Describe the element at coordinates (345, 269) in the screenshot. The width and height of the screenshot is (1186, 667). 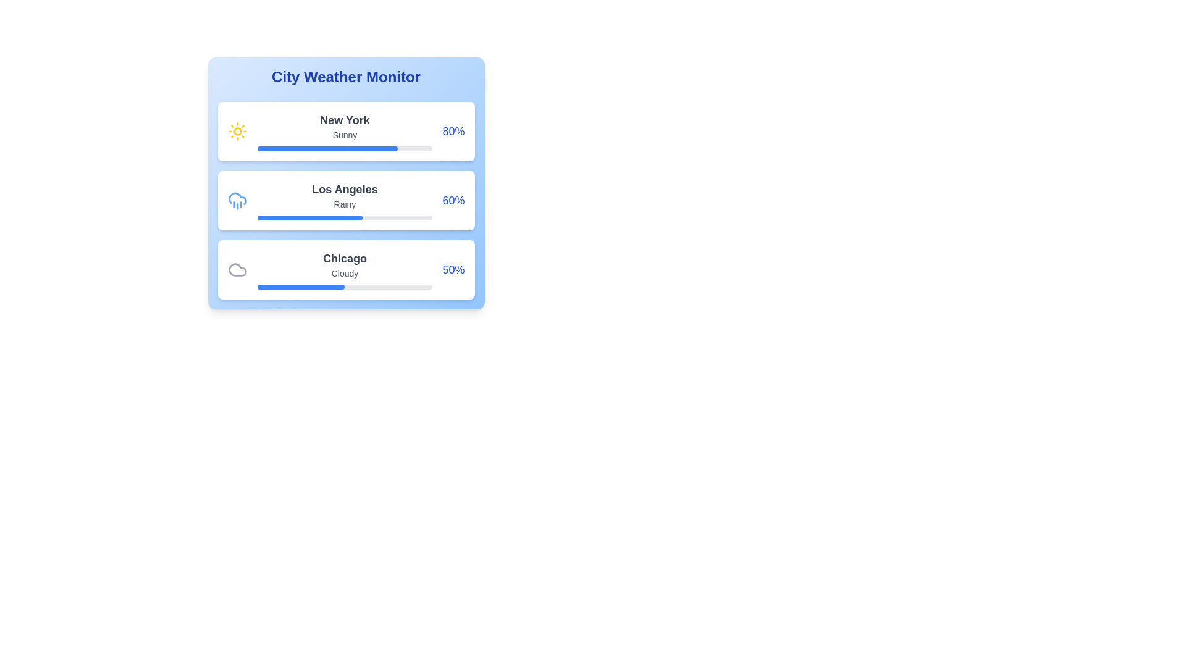
I see `the Weather summary component for Chicago, which displays 'Cloudy' text and a blue progress bar indicating 50%` at that location.